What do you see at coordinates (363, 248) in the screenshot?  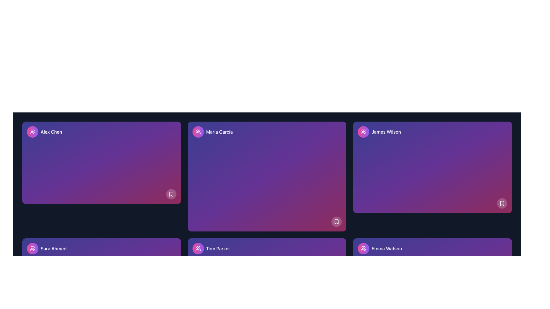 I see `the user groups icon located at the top-left corner of a rectangular card in a multi-row grid layout` at bounding box center [363, 248].